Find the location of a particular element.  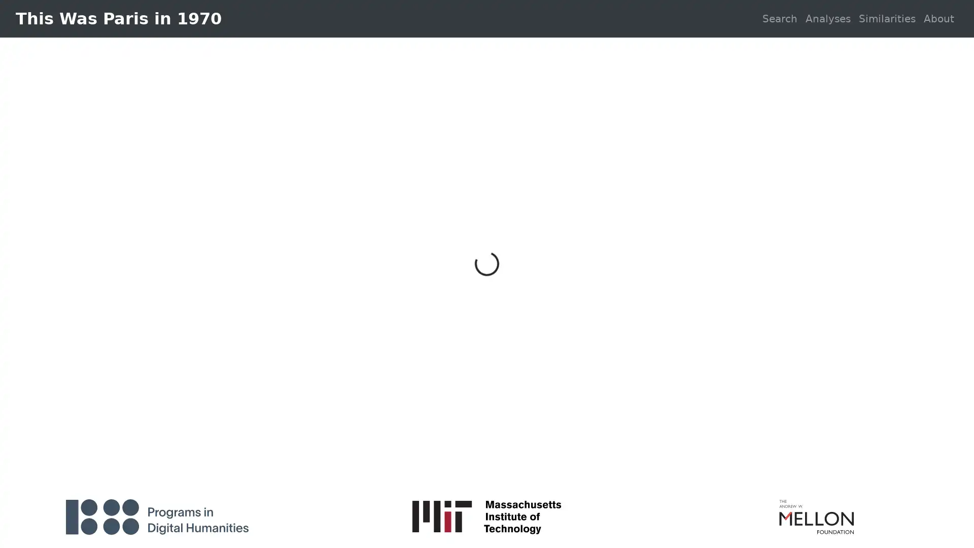

Zoom in is located at coordinates (14, 462).